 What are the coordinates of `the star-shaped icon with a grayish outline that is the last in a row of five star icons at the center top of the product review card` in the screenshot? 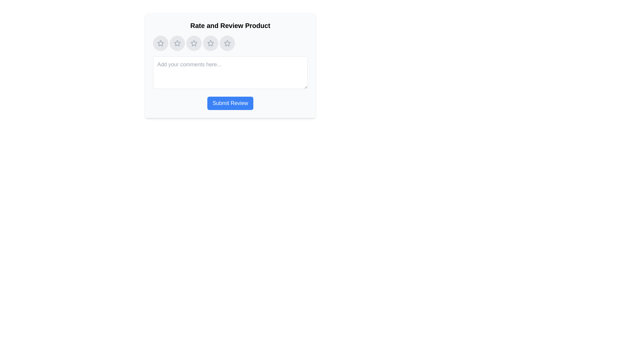 It's located at (227, 43).